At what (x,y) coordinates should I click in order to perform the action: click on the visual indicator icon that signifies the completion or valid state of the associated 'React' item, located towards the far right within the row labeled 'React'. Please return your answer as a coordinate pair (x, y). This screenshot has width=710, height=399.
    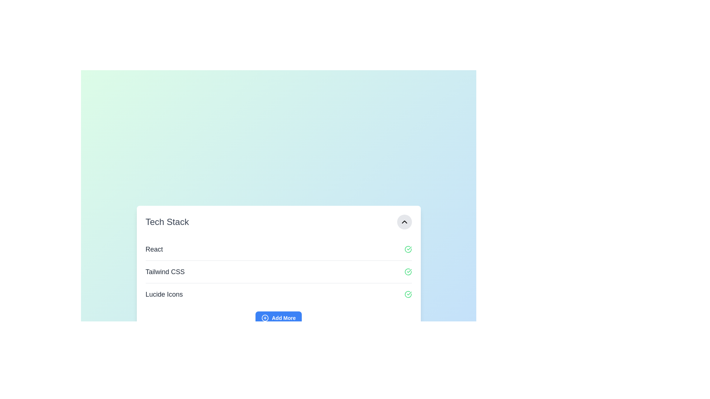
    Looking at the image, I should click on (408, 249).